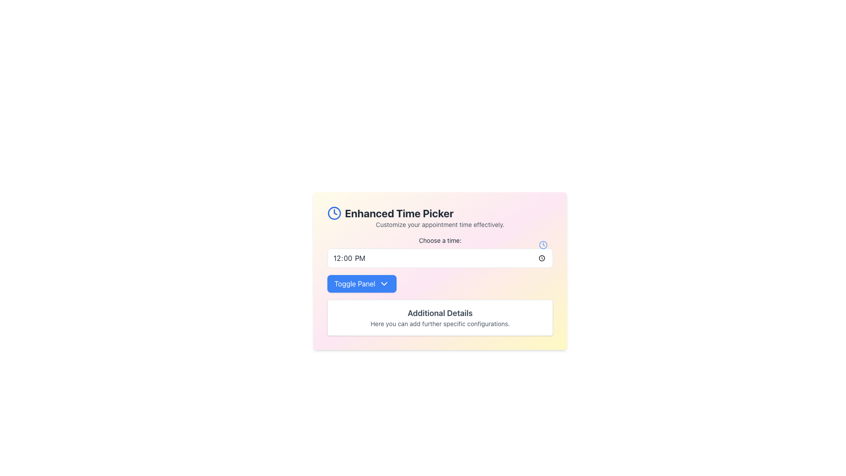 This screenshot has height=476, width=846. I want to click on the static informational text that provides additional context or instructions related to the 'Additional Details' section, located beneath the heading 'Additional Details', so click(440, 324).